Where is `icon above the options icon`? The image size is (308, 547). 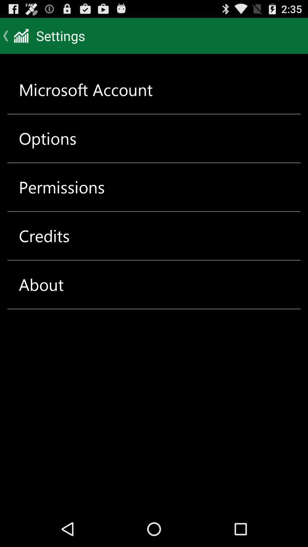 icon above the options icon is located at coordinates (86, 89).